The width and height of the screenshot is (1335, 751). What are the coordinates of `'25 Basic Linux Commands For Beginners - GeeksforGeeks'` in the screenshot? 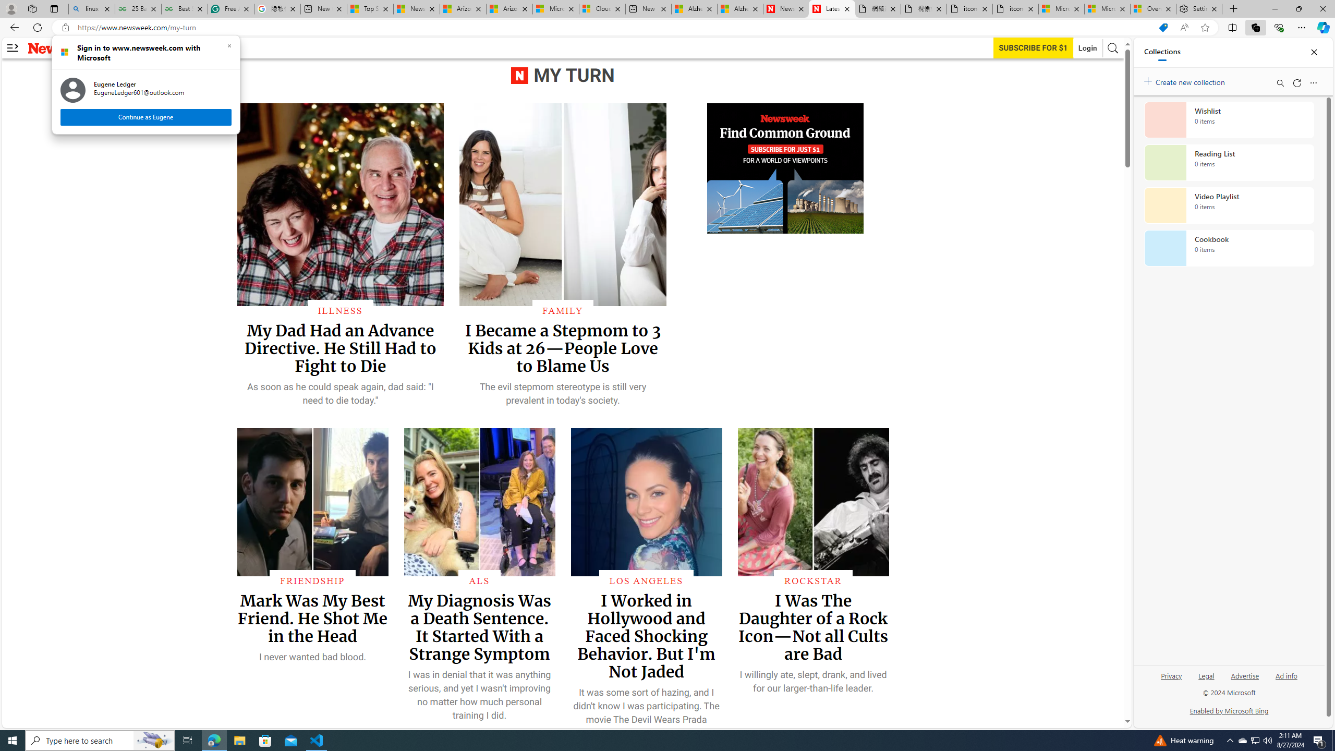 It's located at (138, 8).